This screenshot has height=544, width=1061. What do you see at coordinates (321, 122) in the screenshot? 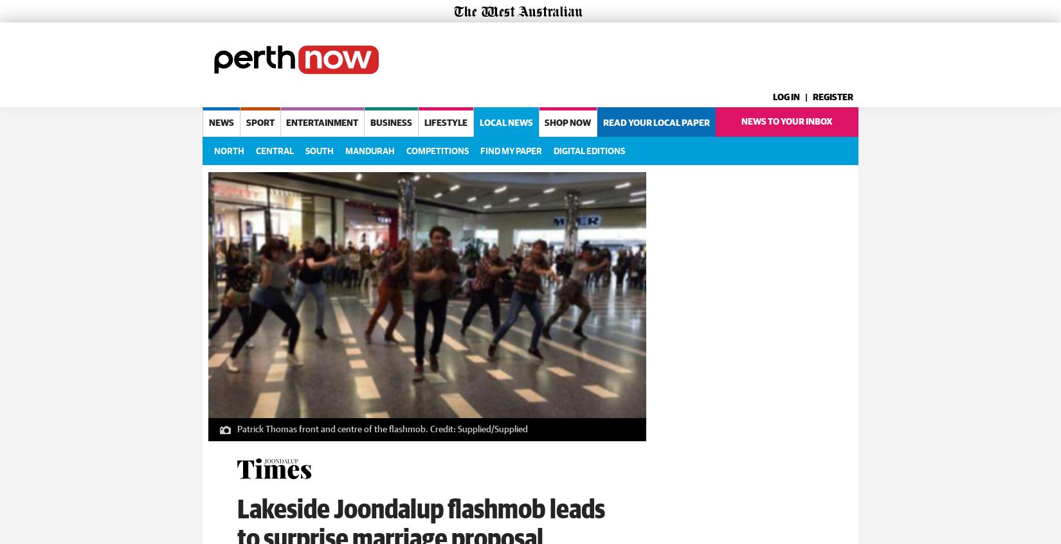
I see `'Entertainment'` at bounding box center [321, 122].